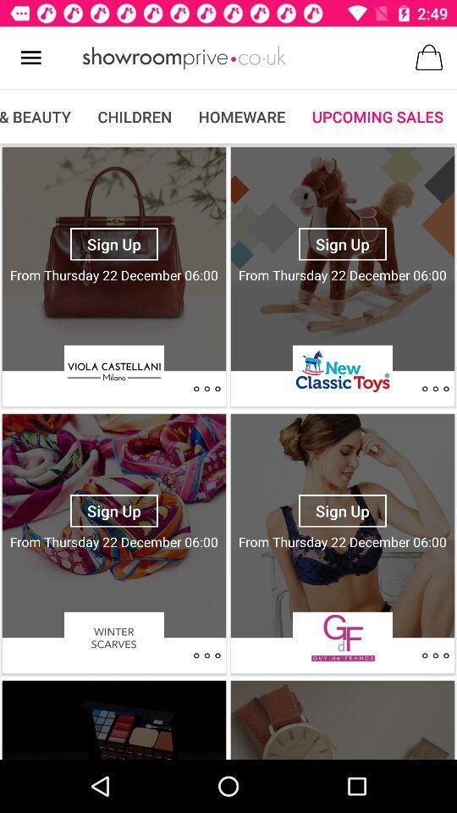 The height and width of the screenshot is (813, 457). What do you see at coordinates (184, 58) in the screenshot?
I see `make advertisement` at bounding box center [184, 58].